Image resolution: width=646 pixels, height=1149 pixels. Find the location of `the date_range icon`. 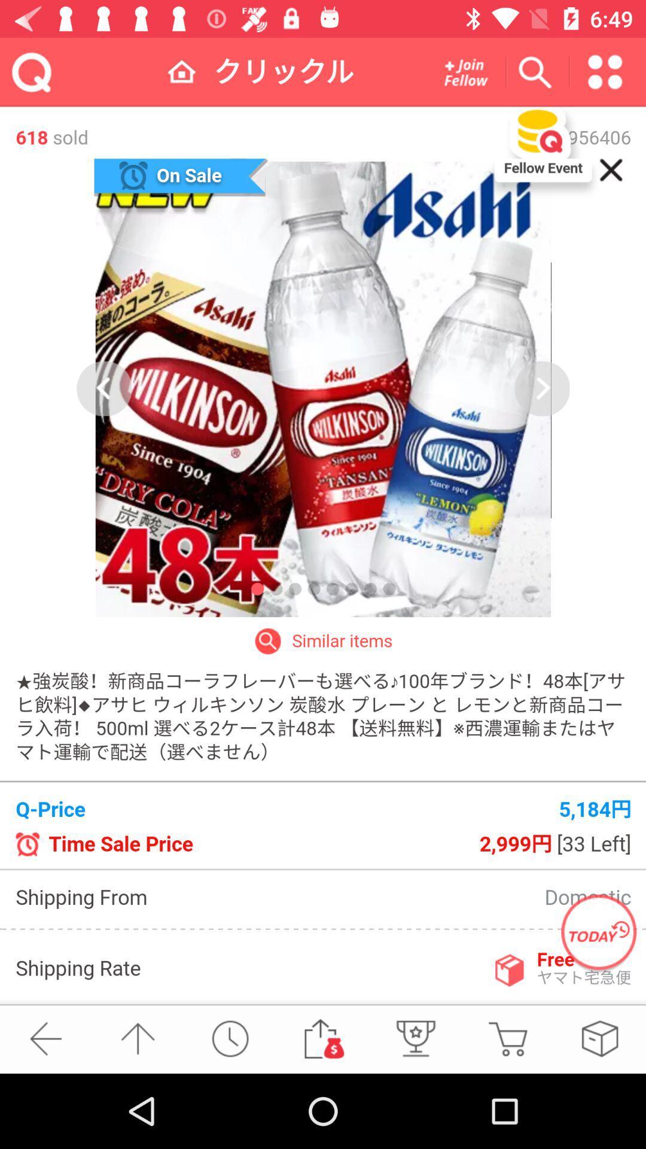

the date_range icon is located at coordinates (465, 71).